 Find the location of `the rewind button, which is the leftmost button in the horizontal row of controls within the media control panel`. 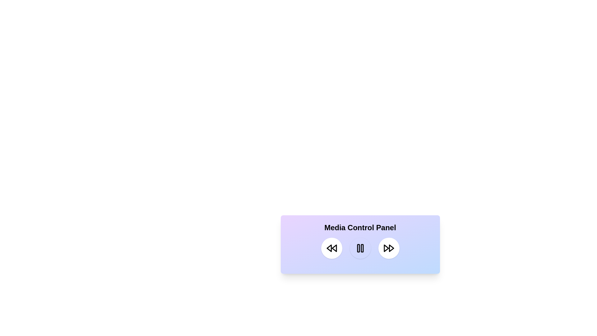

the rewind button, which is the leftmost button in the horizontal row of controls within the media control panel is located at coordinates (331, 248).